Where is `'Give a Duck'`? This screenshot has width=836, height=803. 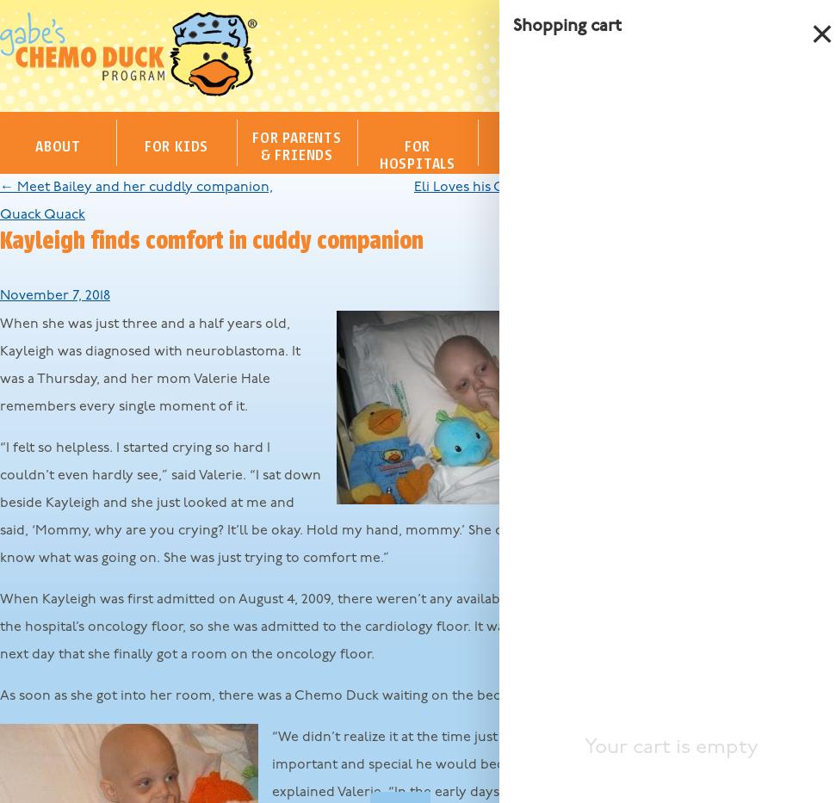 'Give a Duck' is located at coordinates (666, 423).